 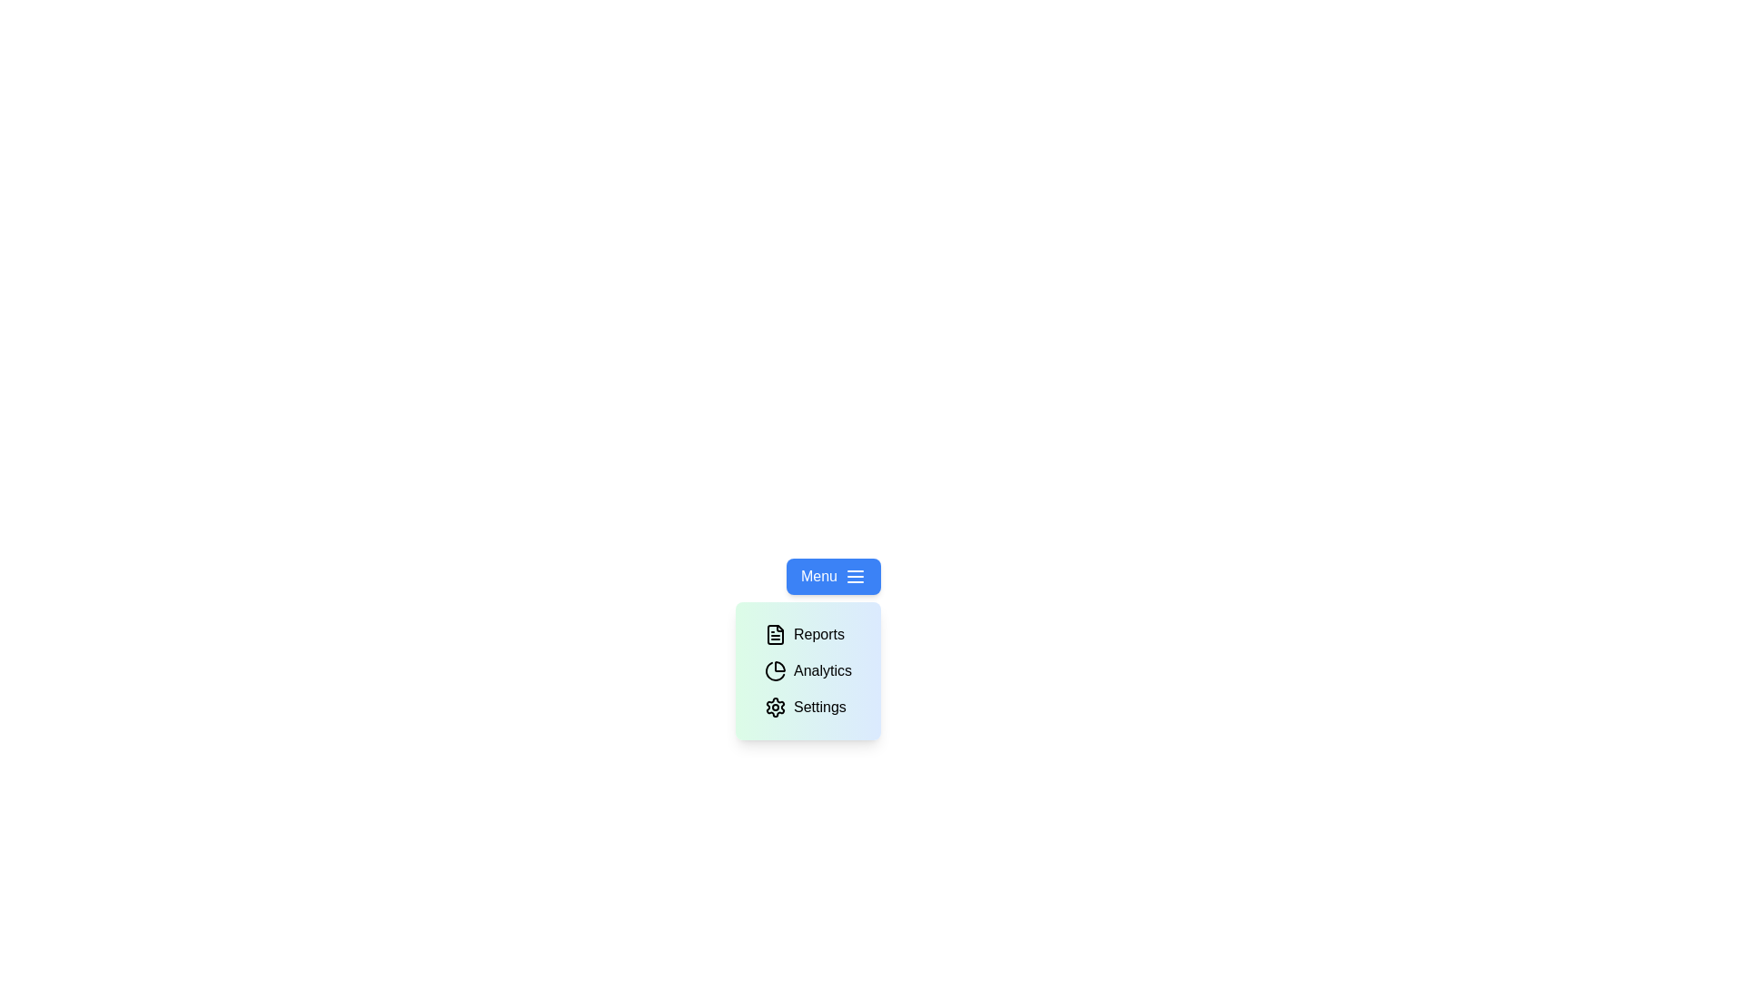 I want to click on the 'Settings' option in the dropdown menu, so click(x=804, y=707).